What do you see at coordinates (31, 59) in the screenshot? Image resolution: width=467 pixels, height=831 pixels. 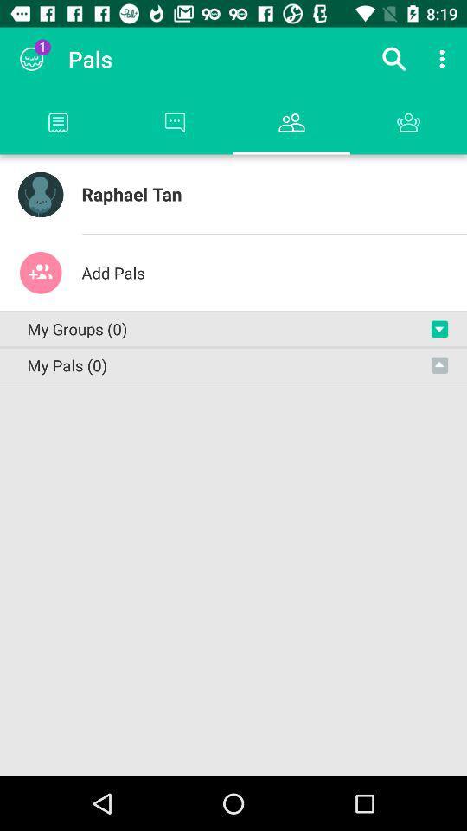 I see `the item next to the pals icon` at bounding box center [31, 59].